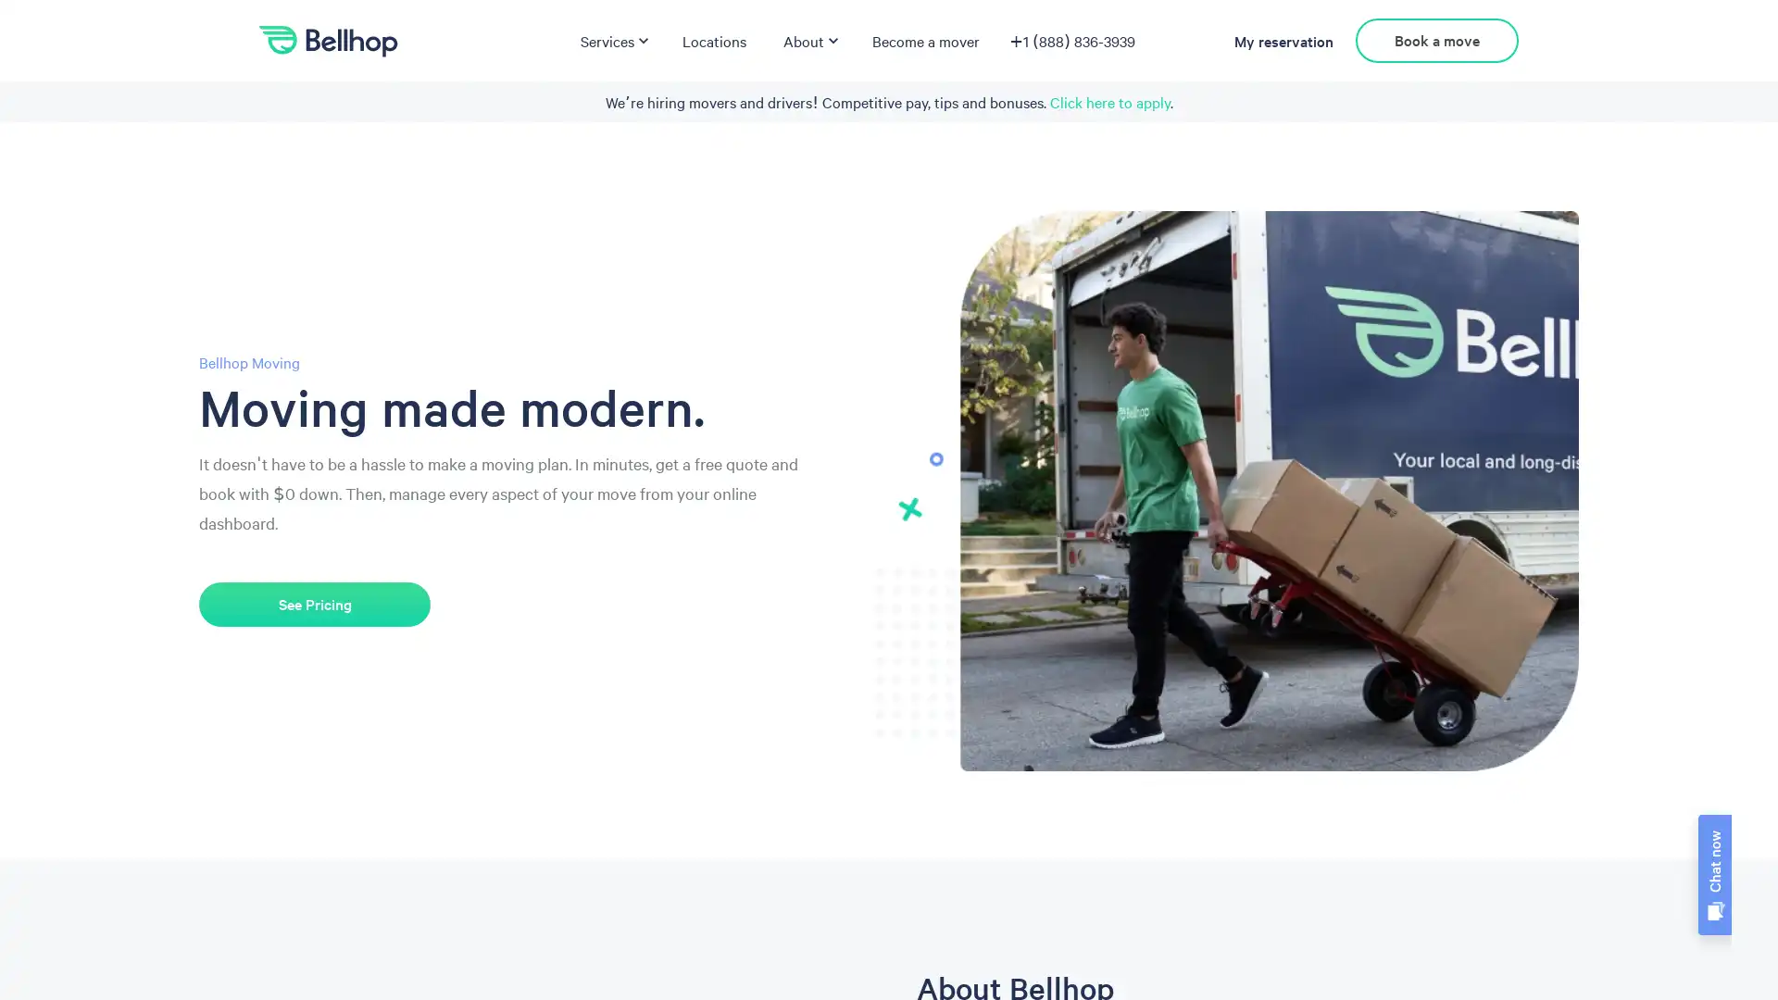  Describe the element at coordinates (1689, 910) in the screenshot. I see `chatbot icon` at that location.